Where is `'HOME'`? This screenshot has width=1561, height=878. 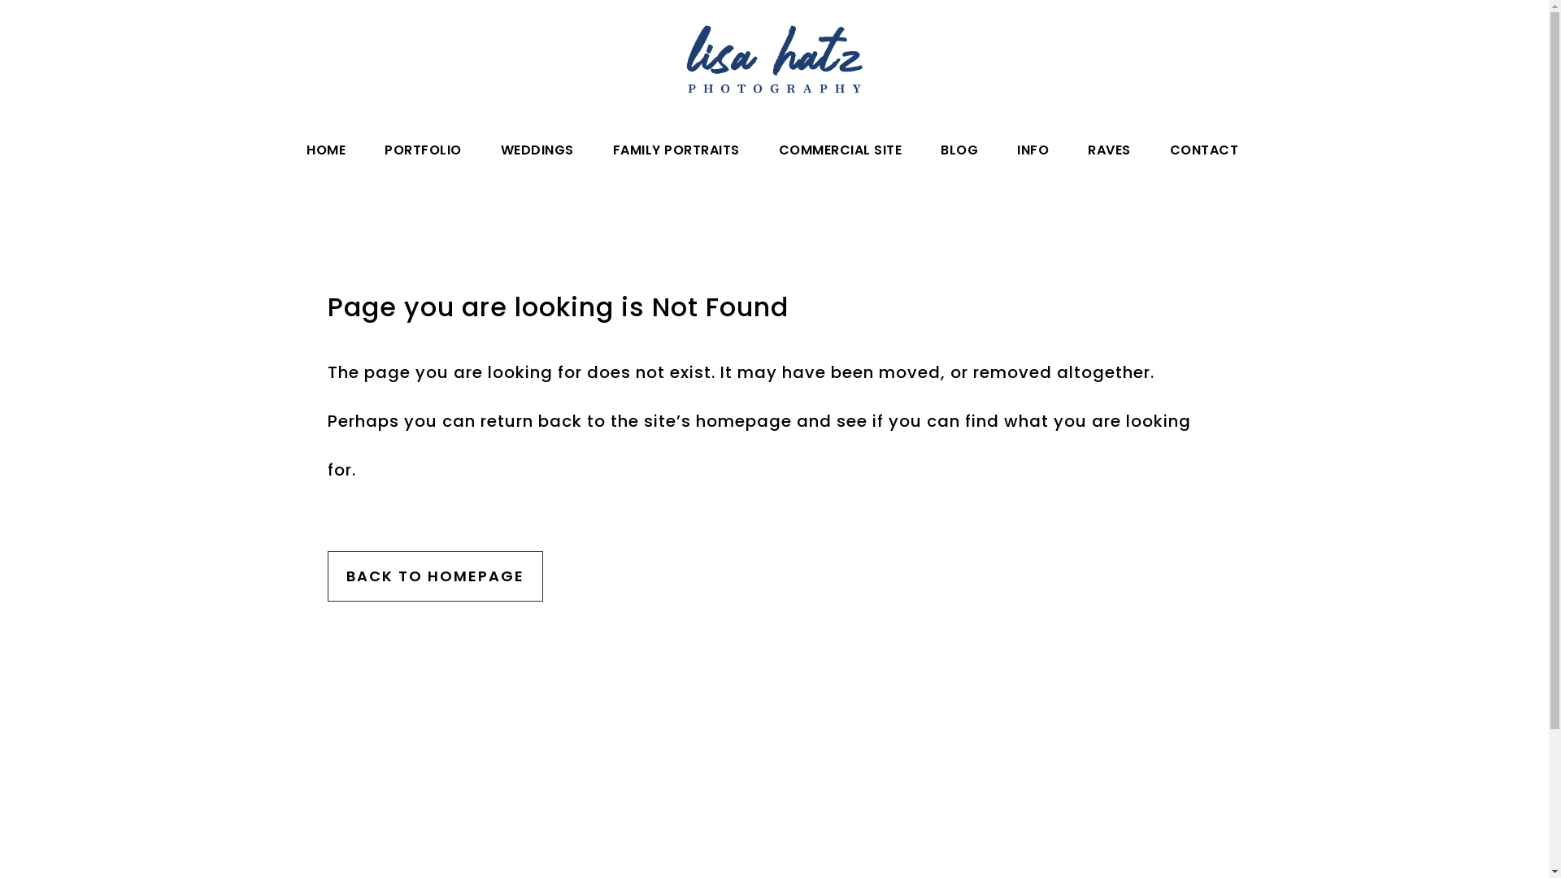
'HOME' is located at coordinates (325, 150).